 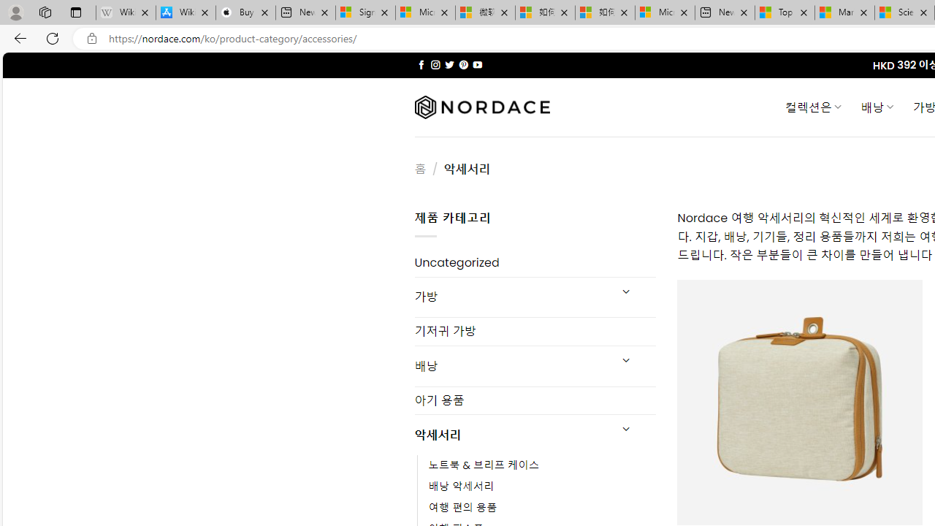 I want to click on 'Microsoft account | Account Checkup', so click(x=664, y=12).